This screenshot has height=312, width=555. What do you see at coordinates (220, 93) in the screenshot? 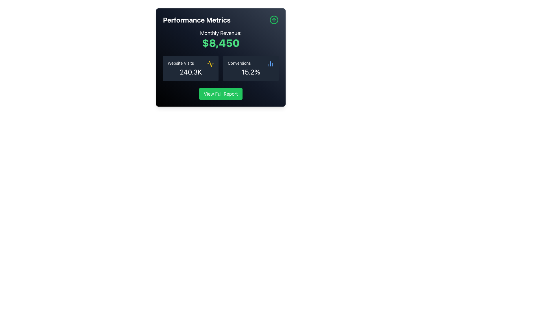
I see `the green button labeled 'View Full Report'` at bounding box center [220, 93].